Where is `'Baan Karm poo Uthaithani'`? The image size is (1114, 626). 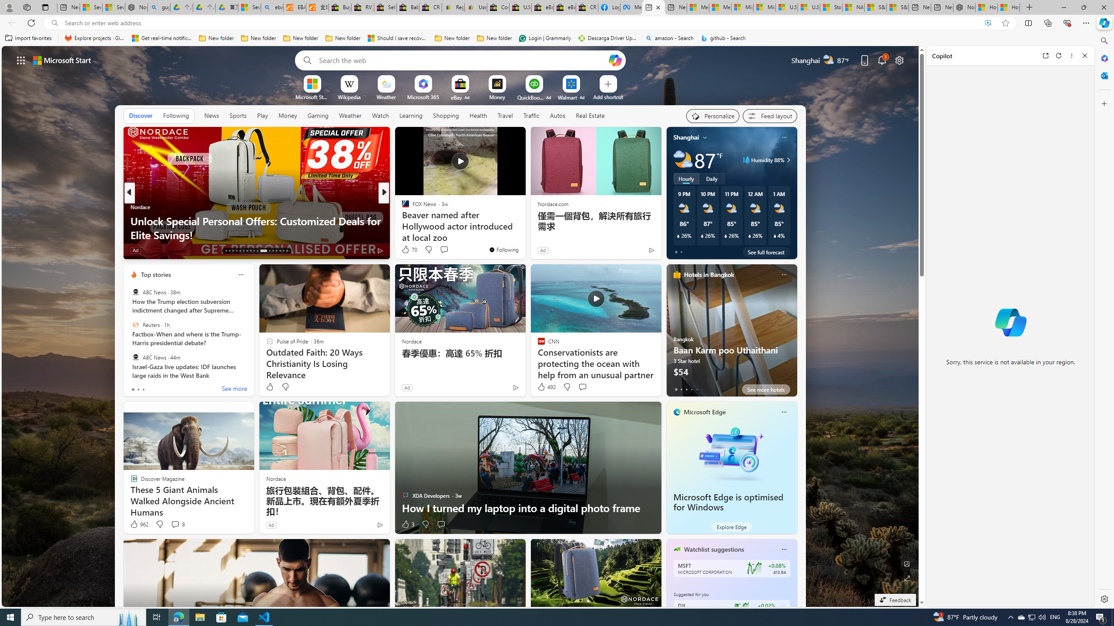
'Baan Karm poo Uthaithani' is located at coordinates (731, 333).